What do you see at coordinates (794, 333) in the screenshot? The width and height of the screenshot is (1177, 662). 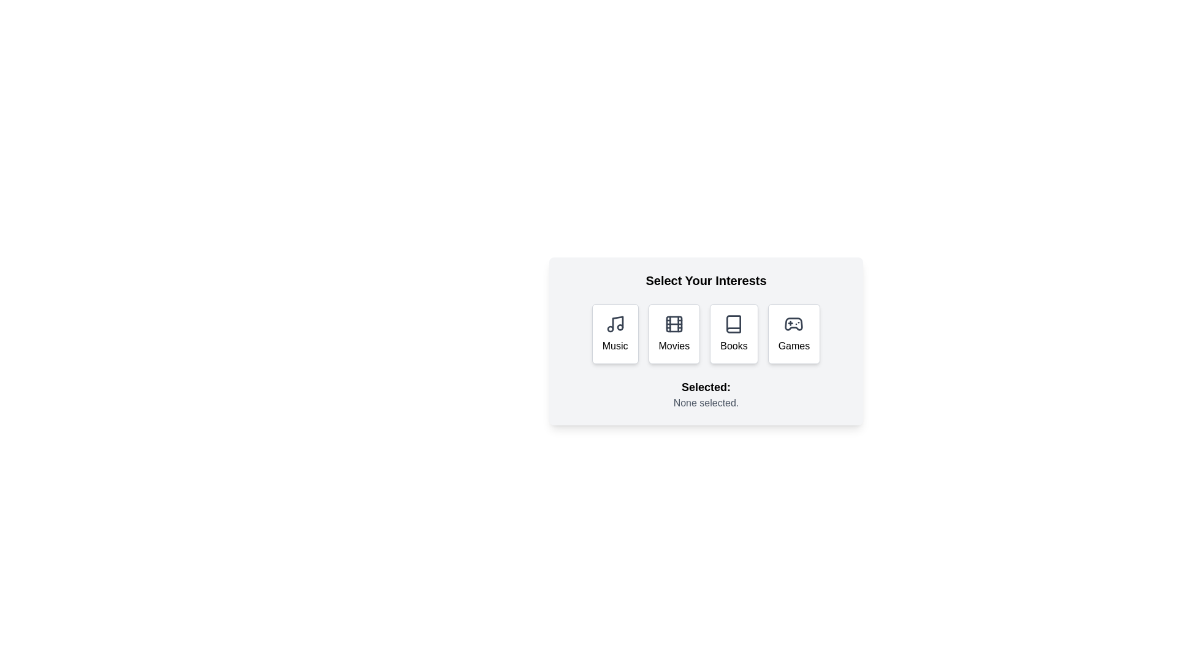 I see `the Games button to select the corresponding interest` at bounding box center [794, 333].